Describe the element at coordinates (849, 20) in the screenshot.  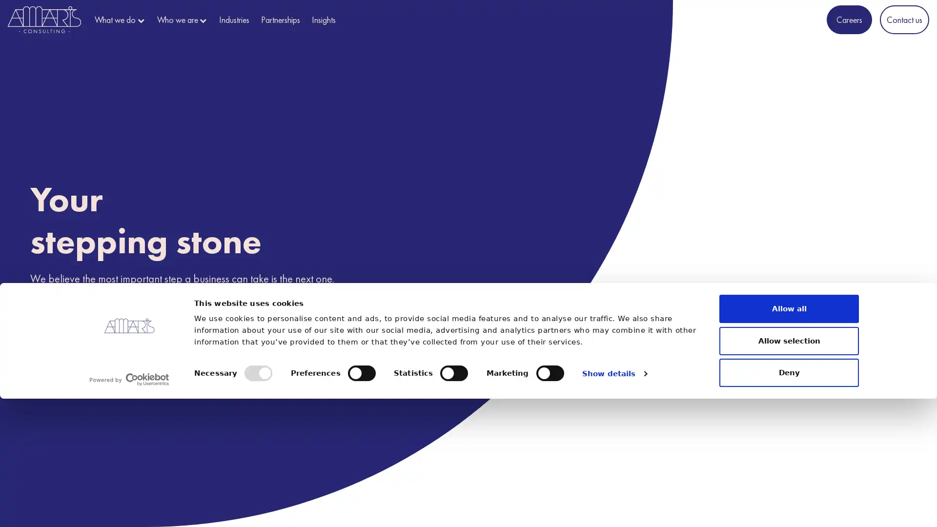
I see `Careers` at that location.